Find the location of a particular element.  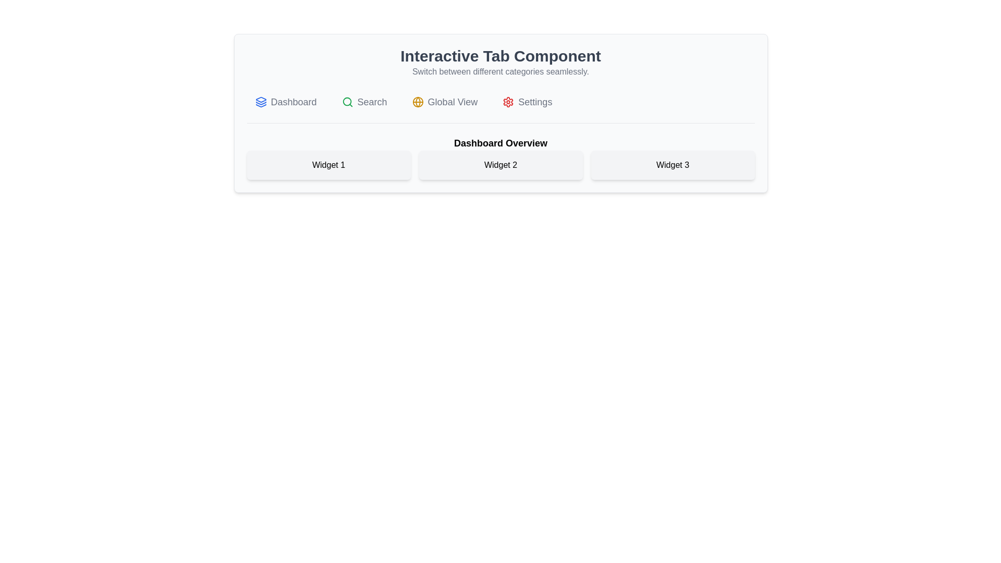

the 'Global View' button, which is the third tab in the horizontal navigation menu, located between 'Search' and 'Settings', displaying a globe icon and gray text is located at coordinates (445, 102).